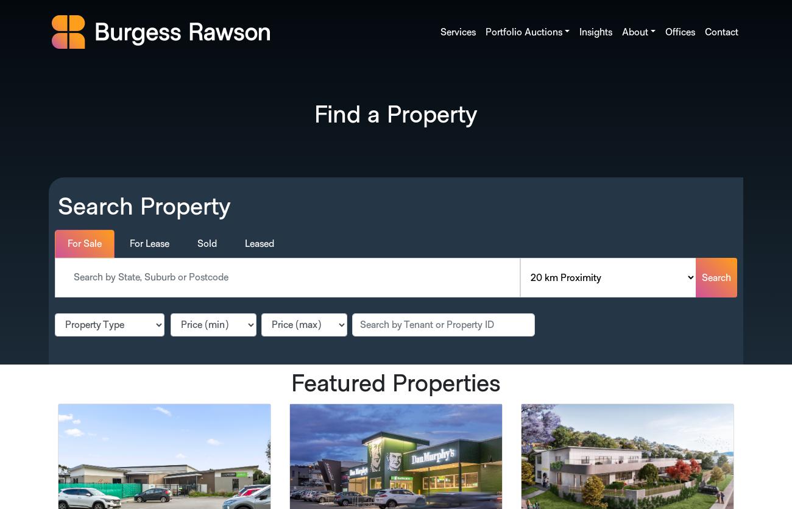 The width and height of the screenshot is (792, 509). I want to click on 'Leased', so click(260, 243).